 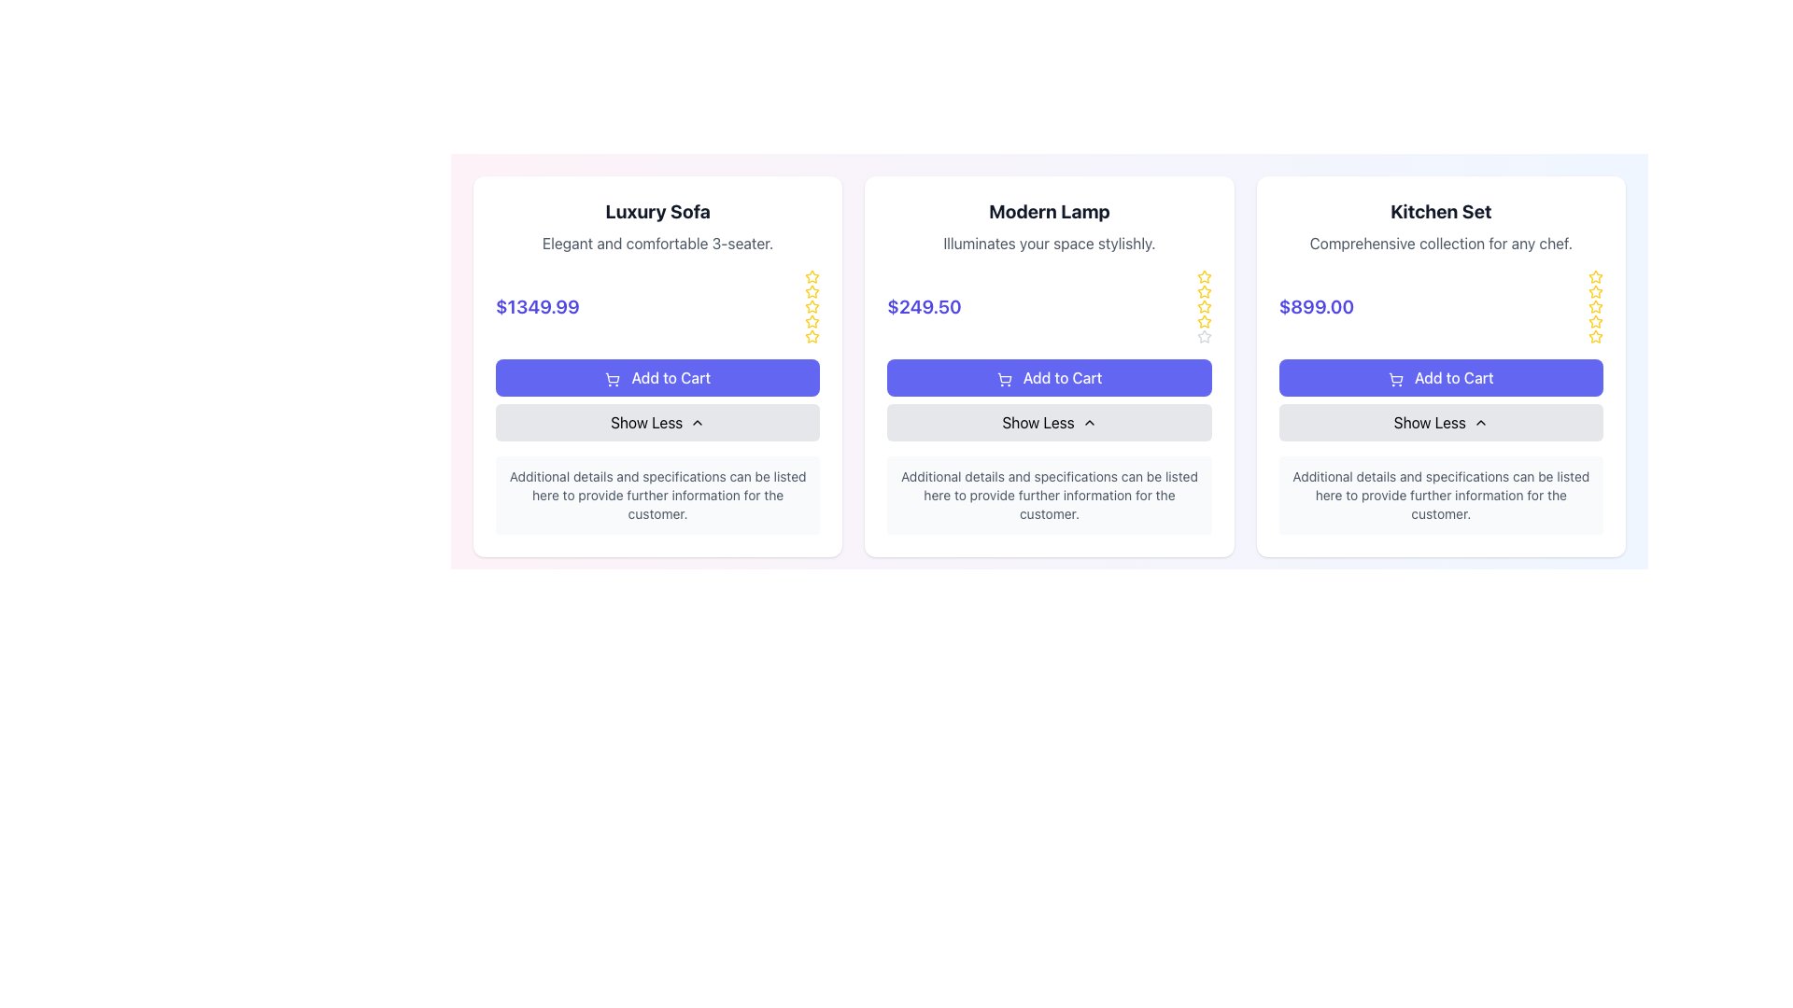 What do you see at coordinates (1204, 291) in the screenshot?
I see `the third star icon in the five-star rating system for the product 'Modern Lamp' to indicate its current rating level` at bounding box center [1204, 291].